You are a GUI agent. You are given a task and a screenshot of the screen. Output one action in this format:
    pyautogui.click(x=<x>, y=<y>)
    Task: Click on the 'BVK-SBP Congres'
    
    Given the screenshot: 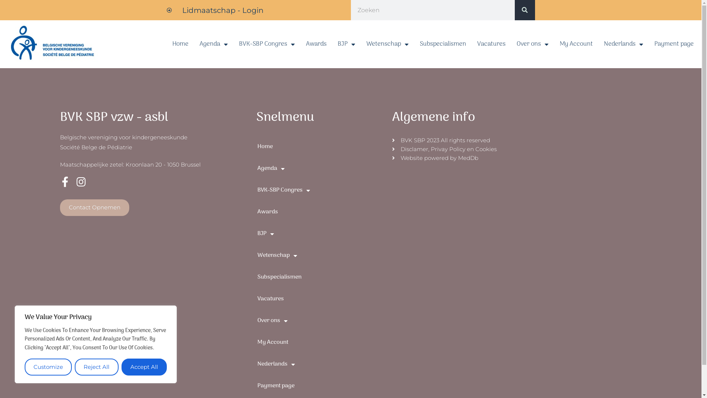 What is the action you would take?
    pyautogui.click(x=256, y=190)
    